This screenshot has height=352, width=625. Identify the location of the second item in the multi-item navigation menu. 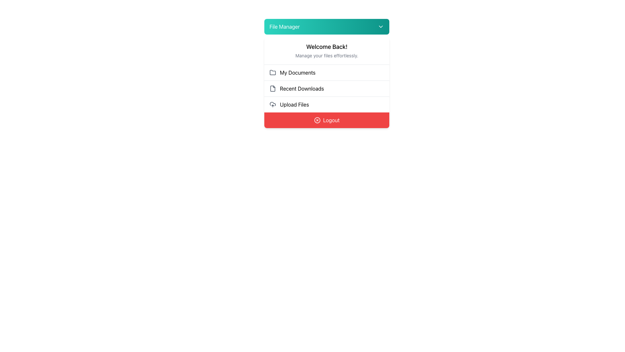
(326, 89).